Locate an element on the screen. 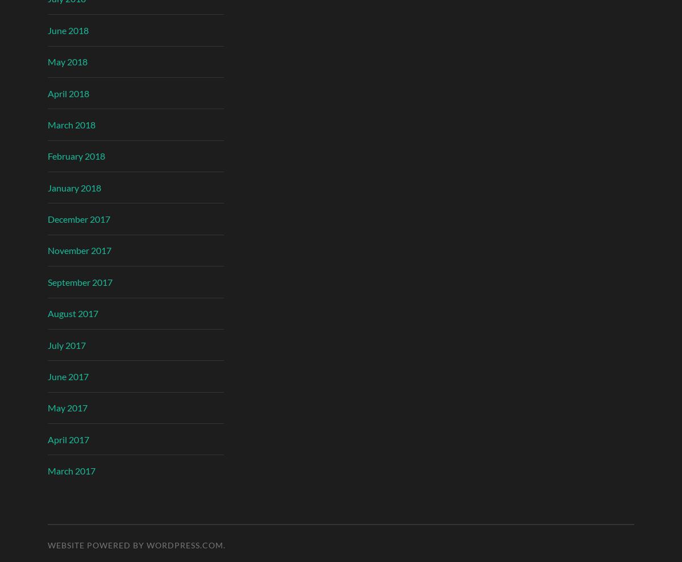  'March 2017' is located at coordinates (48, 471).